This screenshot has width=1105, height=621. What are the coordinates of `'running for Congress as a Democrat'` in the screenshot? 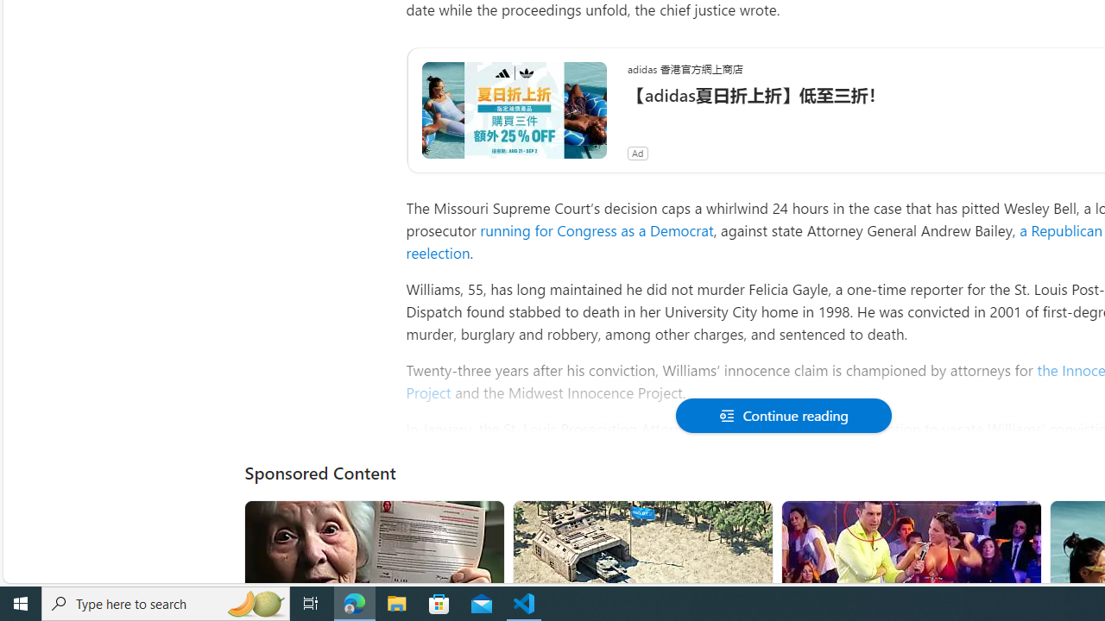 It's located at (597, 229).